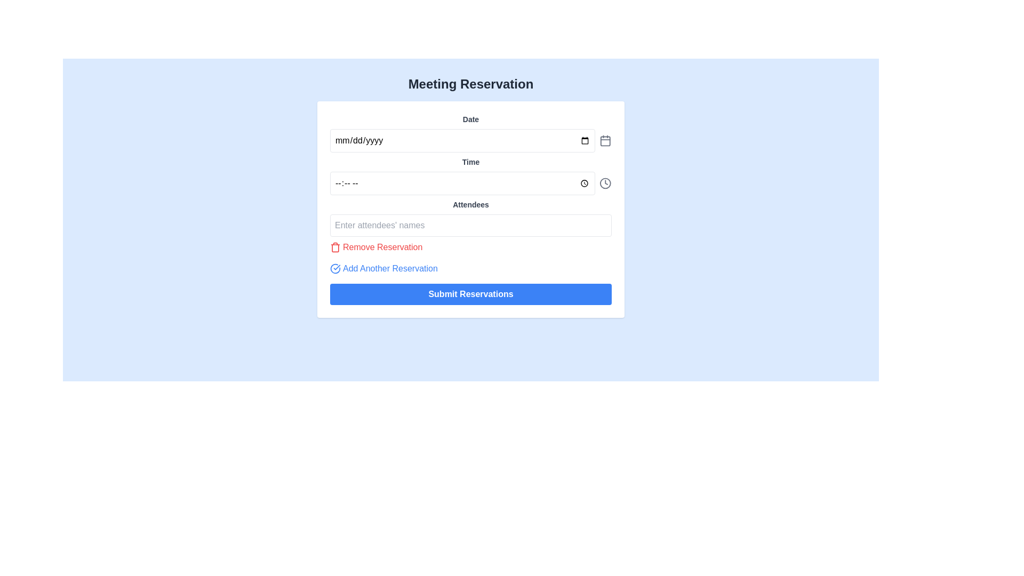 The image size is (1024, 576). Describe the element at coordinates (605, 182) in the screenshot. I see `the clock icon, which is an outlined circle with hour and minute hands, styled in gray, located to the right of the 'Time' input field` at that location.